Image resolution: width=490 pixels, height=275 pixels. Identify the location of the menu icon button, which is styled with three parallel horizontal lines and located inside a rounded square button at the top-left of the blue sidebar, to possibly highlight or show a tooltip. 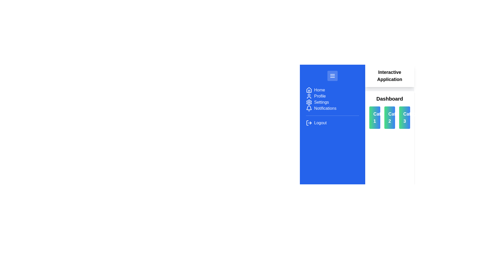
(332, 76).